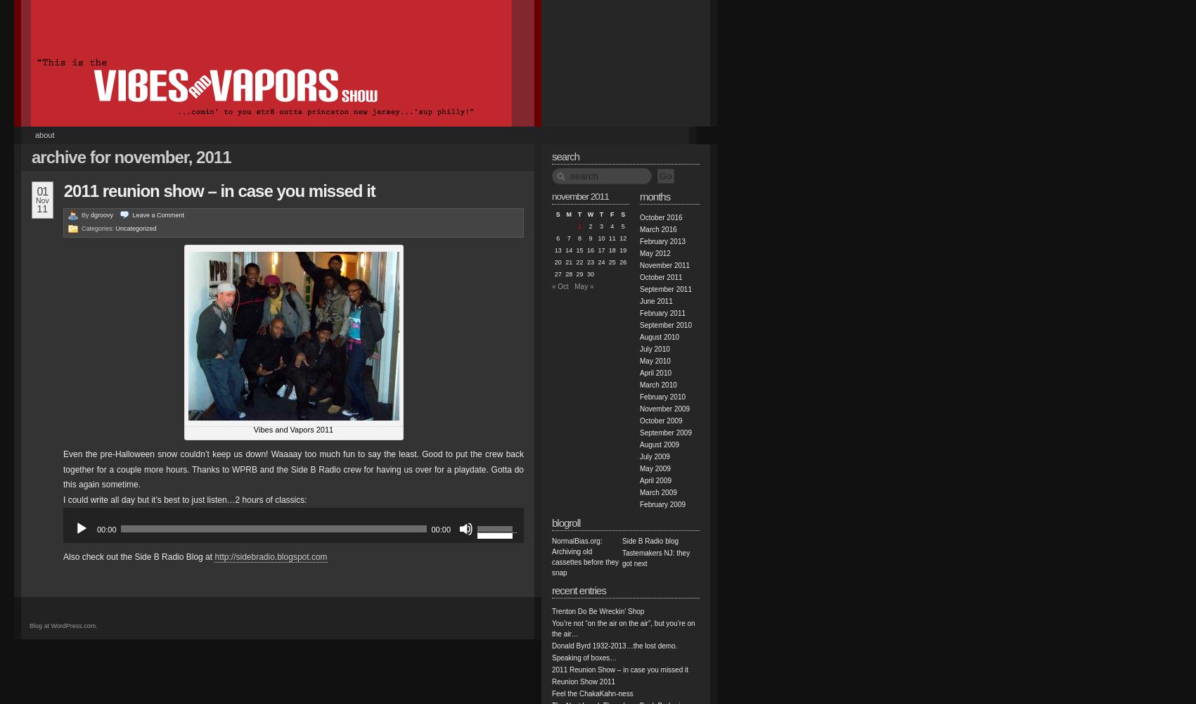  What do you see at coordinates (590, 226) in the screenshot?
I see `'2'` at bounding box center [590, 226].